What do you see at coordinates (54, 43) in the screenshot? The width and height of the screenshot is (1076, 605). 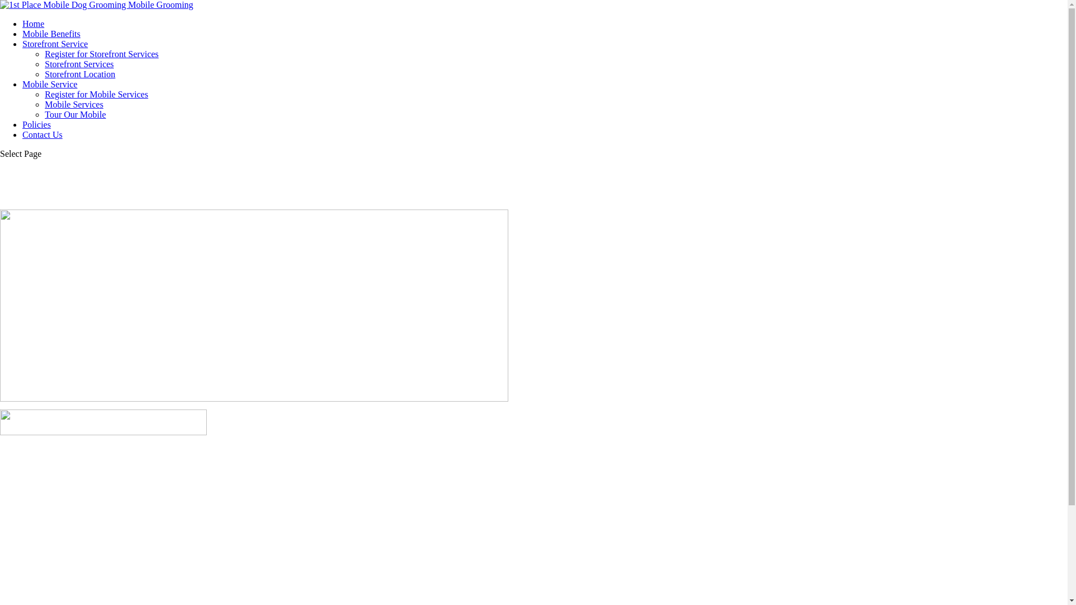 I see `'Storefront Service'` at bounding box center [54, 43].